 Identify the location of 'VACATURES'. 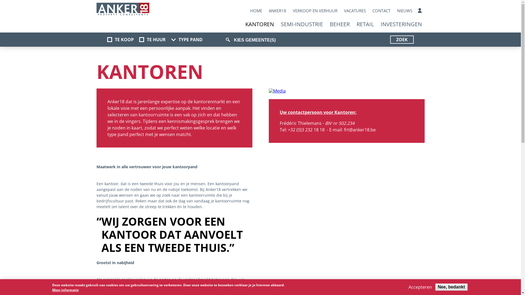
(355, 10).